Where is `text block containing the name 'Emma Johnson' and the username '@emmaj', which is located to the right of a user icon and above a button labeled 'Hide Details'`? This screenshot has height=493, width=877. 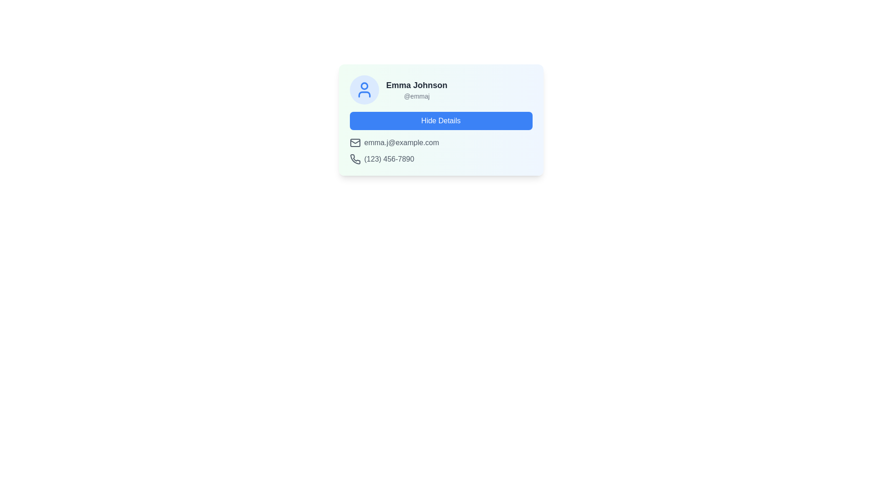 text block containing the name 'Emma Johnson' and the username '@emmaj', which is located to the right of a user icon and above a button labeled 'Hide Details' is located at coordinates (416, 89).